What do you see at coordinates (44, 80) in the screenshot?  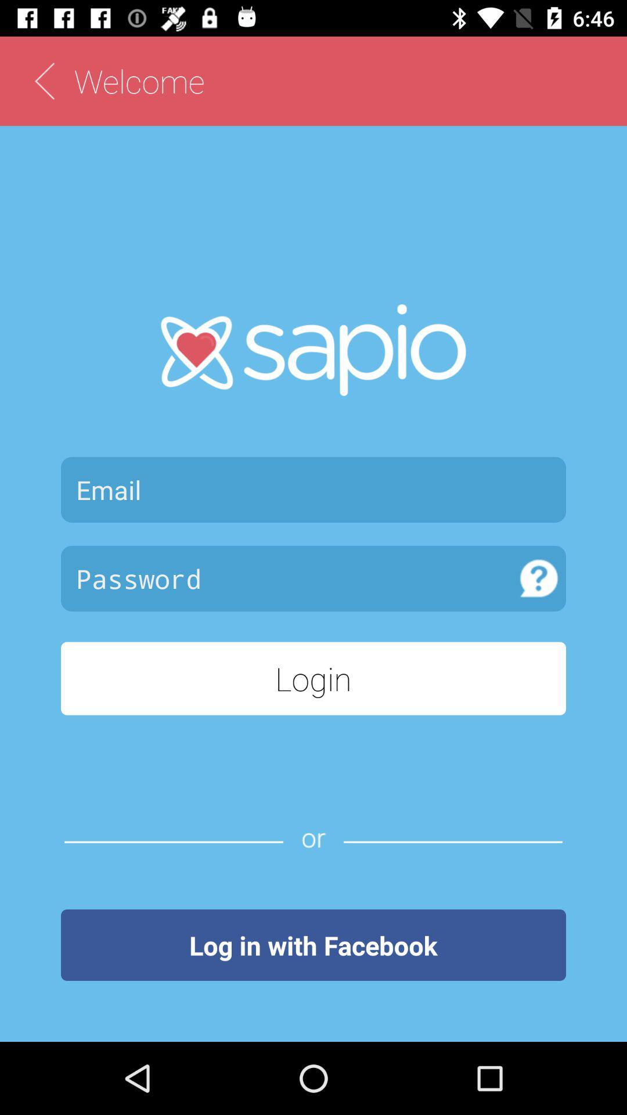 I see `back page` at bounding box center [44, 80].